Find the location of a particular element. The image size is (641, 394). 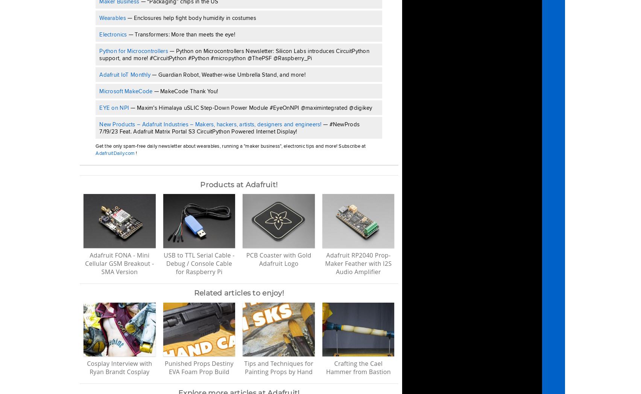

'Wearables' is located at coordinates (112, 18).